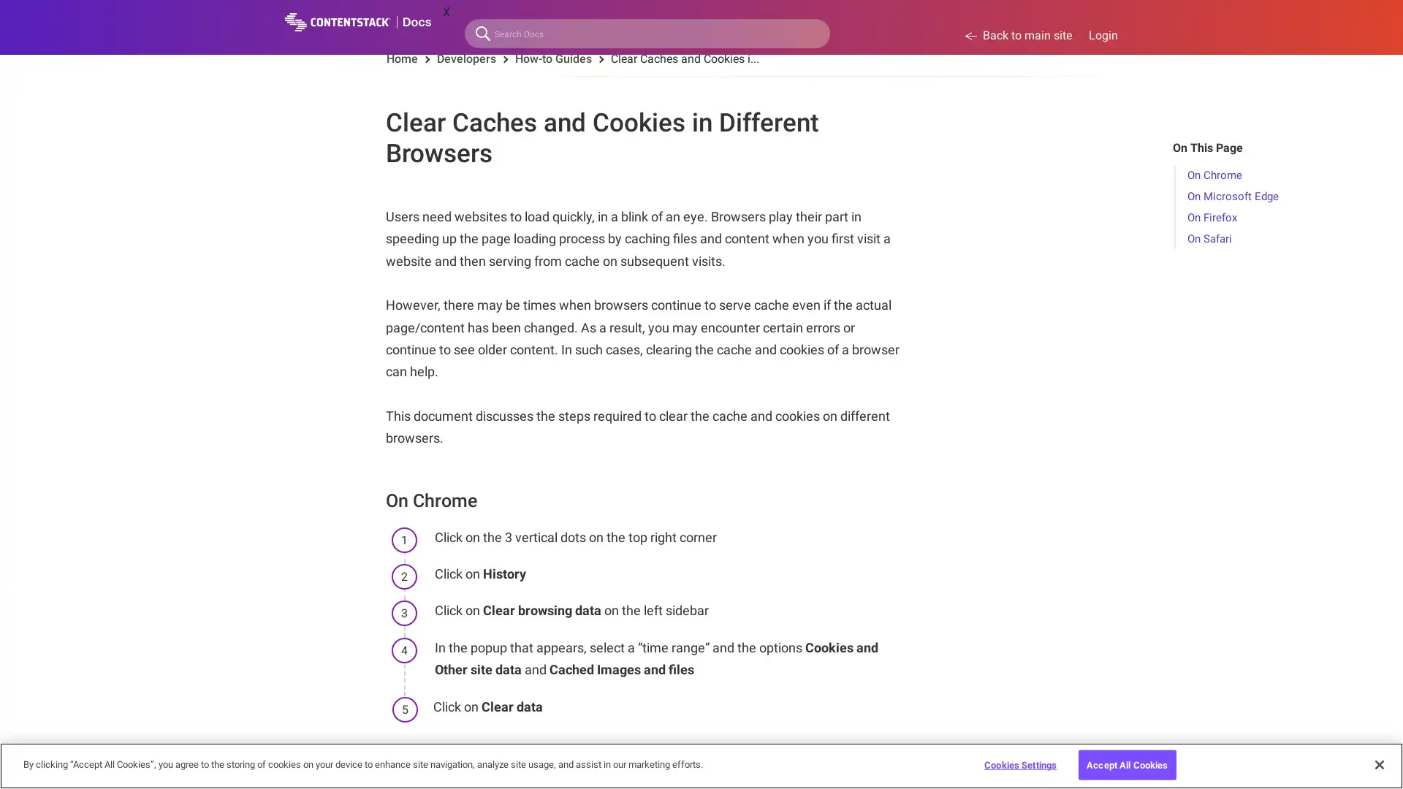 The height and width of the screenshot is (789, 1403). I want to click on Cookies Settings, so click(1019, 763).